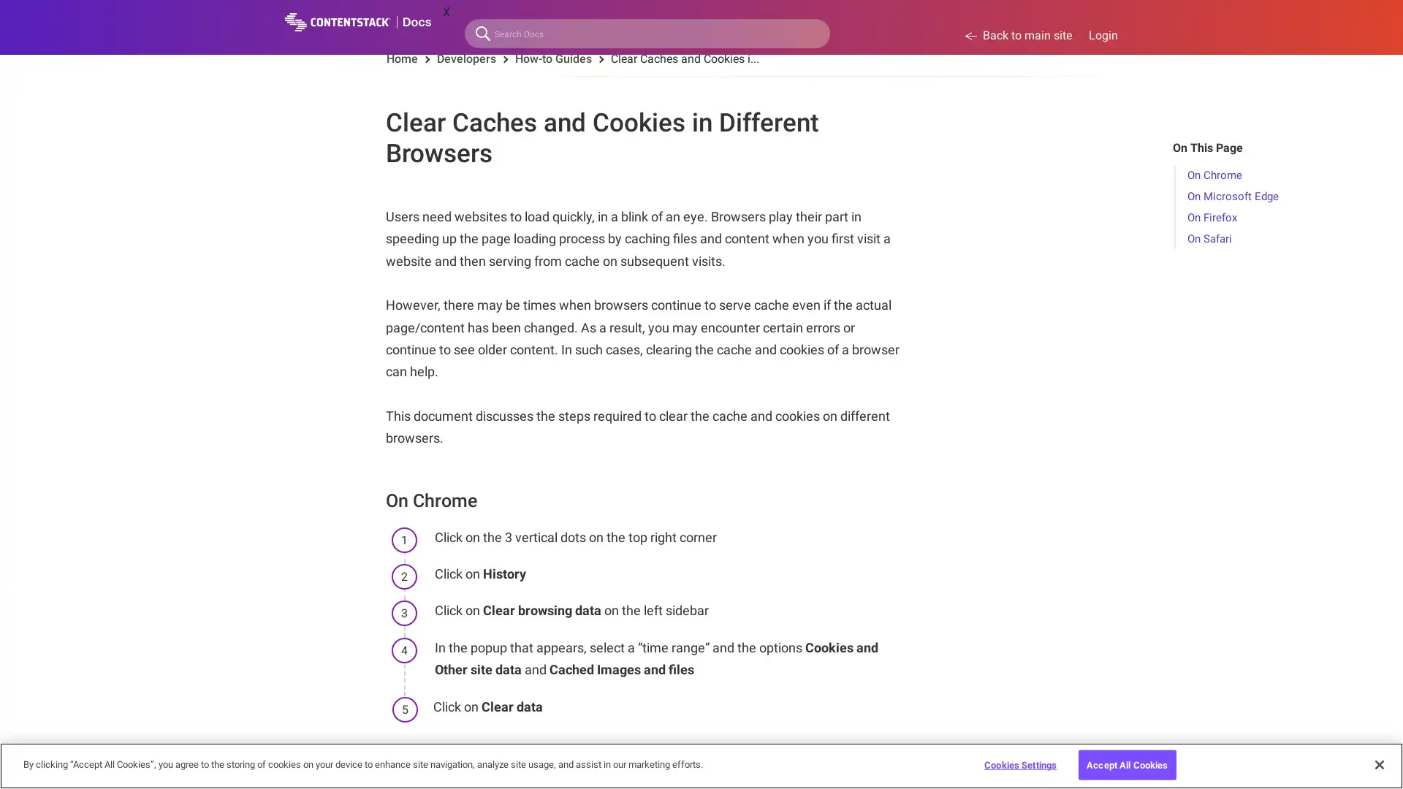 The height and width of the screenshot is (789, 1403). I want to click on Cookies Settings, so click(1019, 763).